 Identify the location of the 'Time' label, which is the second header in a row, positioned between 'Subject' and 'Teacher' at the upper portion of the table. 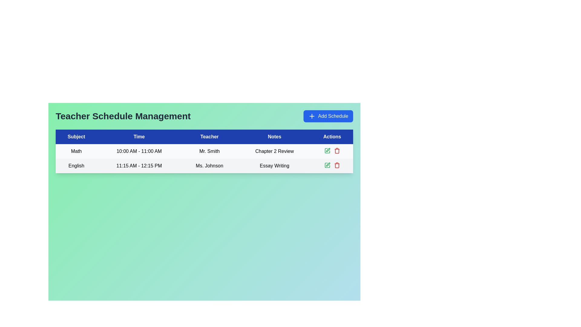
(139, 137).